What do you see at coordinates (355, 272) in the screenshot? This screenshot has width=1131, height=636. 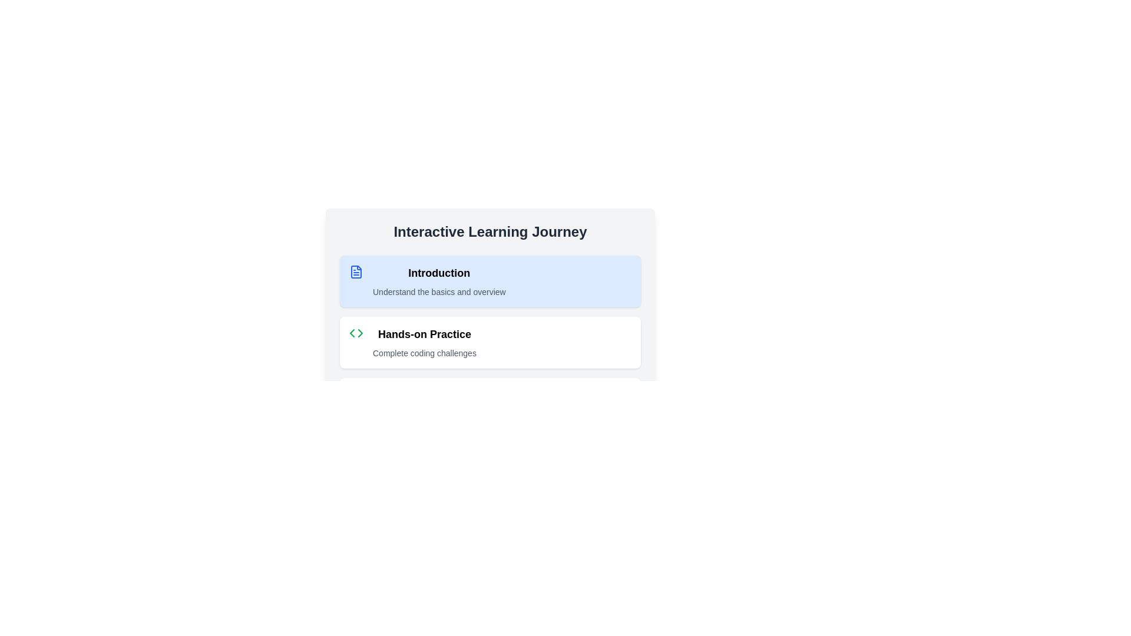 I see `the blue document icon located next to the 'Introduction' title` at bounding box center [355, 272].